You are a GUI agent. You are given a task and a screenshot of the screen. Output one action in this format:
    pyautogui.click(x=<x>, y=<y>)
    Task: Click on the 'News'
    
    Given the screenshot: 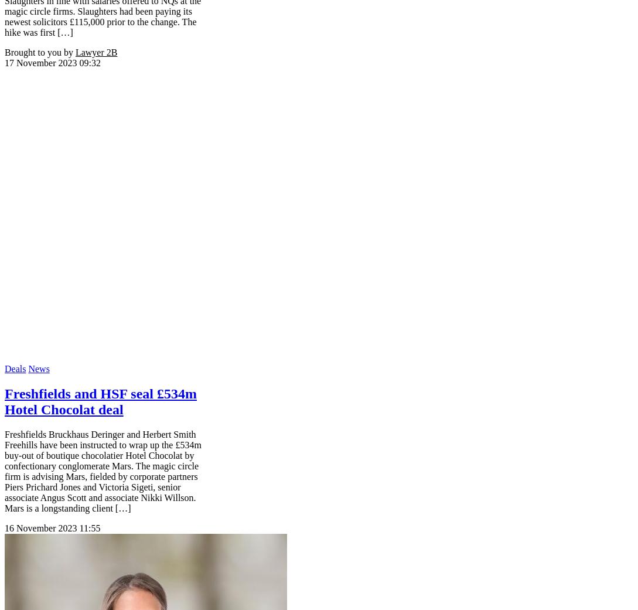 What is the action you would take?
    pyautogui.click(x=38, y=367)
    